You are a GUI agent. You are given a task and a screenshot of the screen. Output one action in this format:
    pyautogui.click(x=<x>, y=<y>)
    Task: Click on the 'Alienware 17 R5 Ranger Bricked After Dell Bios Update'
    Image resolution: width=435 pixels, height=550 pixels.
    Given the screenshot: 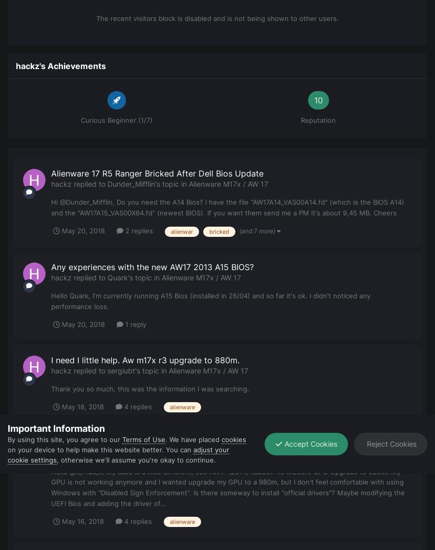 What is the action you would take?
    pyautogui.click(x=157, y=172)
    